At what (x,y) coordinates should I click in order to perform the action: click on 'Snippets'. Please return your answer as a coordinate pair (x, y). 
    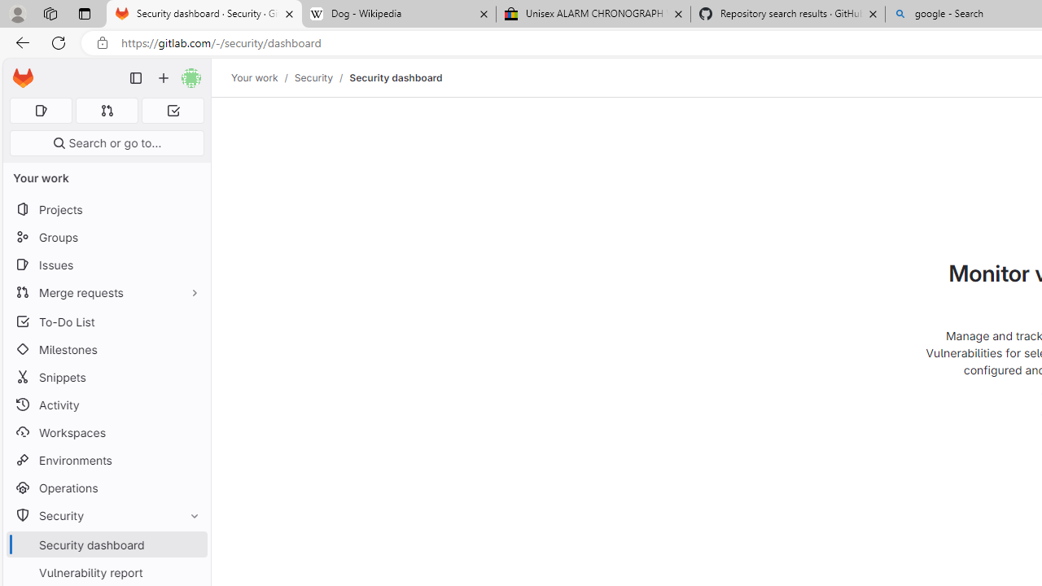
    Looking at the image, I should click on (106, 377).